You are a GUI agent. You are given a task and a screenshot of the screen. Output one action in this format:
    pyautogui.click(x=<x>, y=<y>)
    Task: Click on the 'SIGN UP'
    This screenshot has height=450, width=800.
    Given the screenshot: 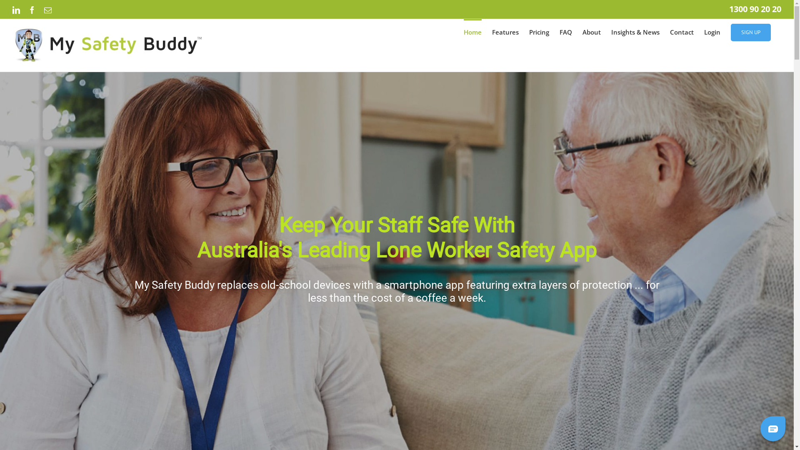 What is the action you would take?
    pyautogui.click(x=750, y=31)
    